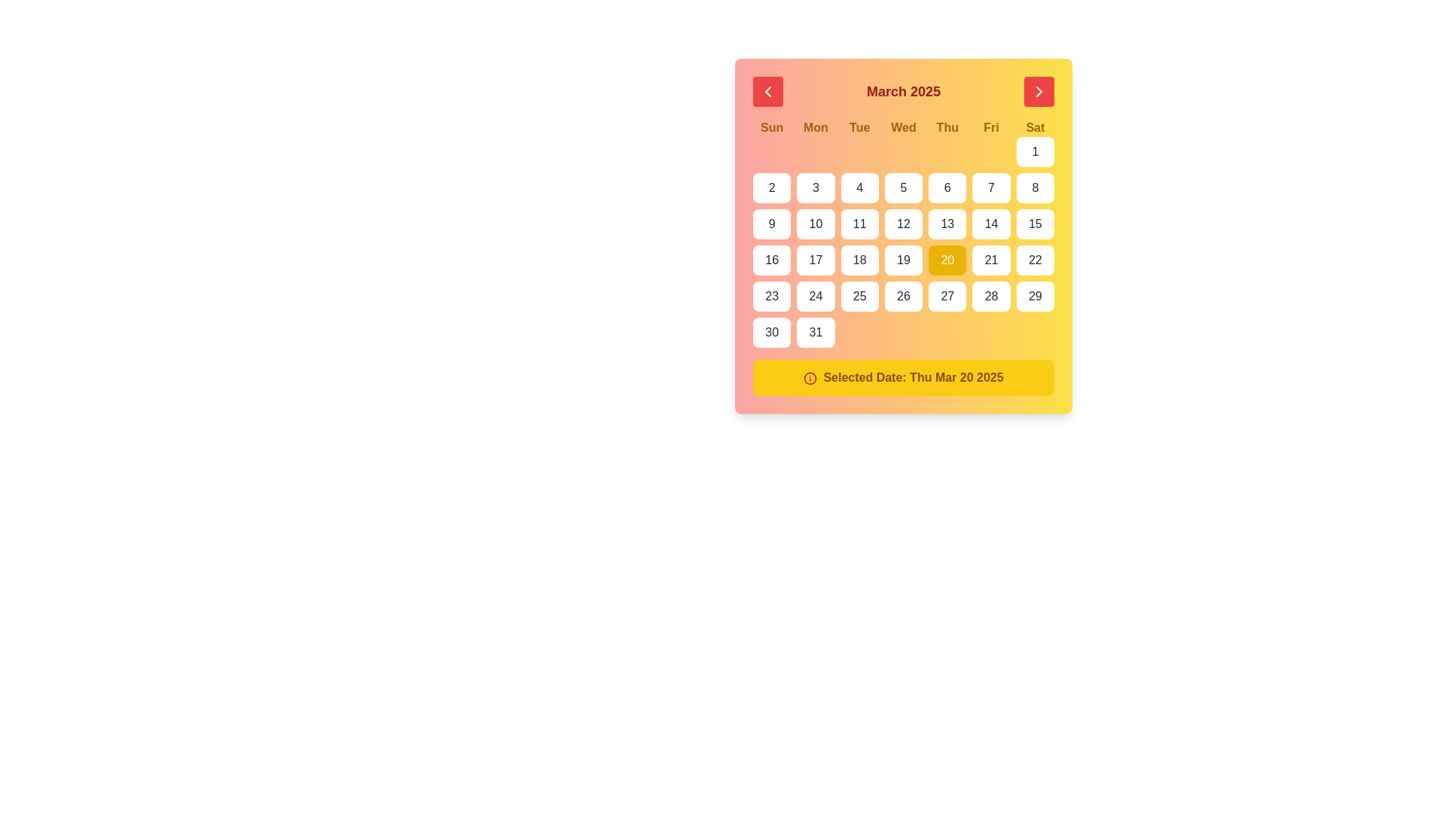 The height and width of the screenshot is (813, 1446). I want to click on the white button with rounded corners displaying '31', so click(815, 332).